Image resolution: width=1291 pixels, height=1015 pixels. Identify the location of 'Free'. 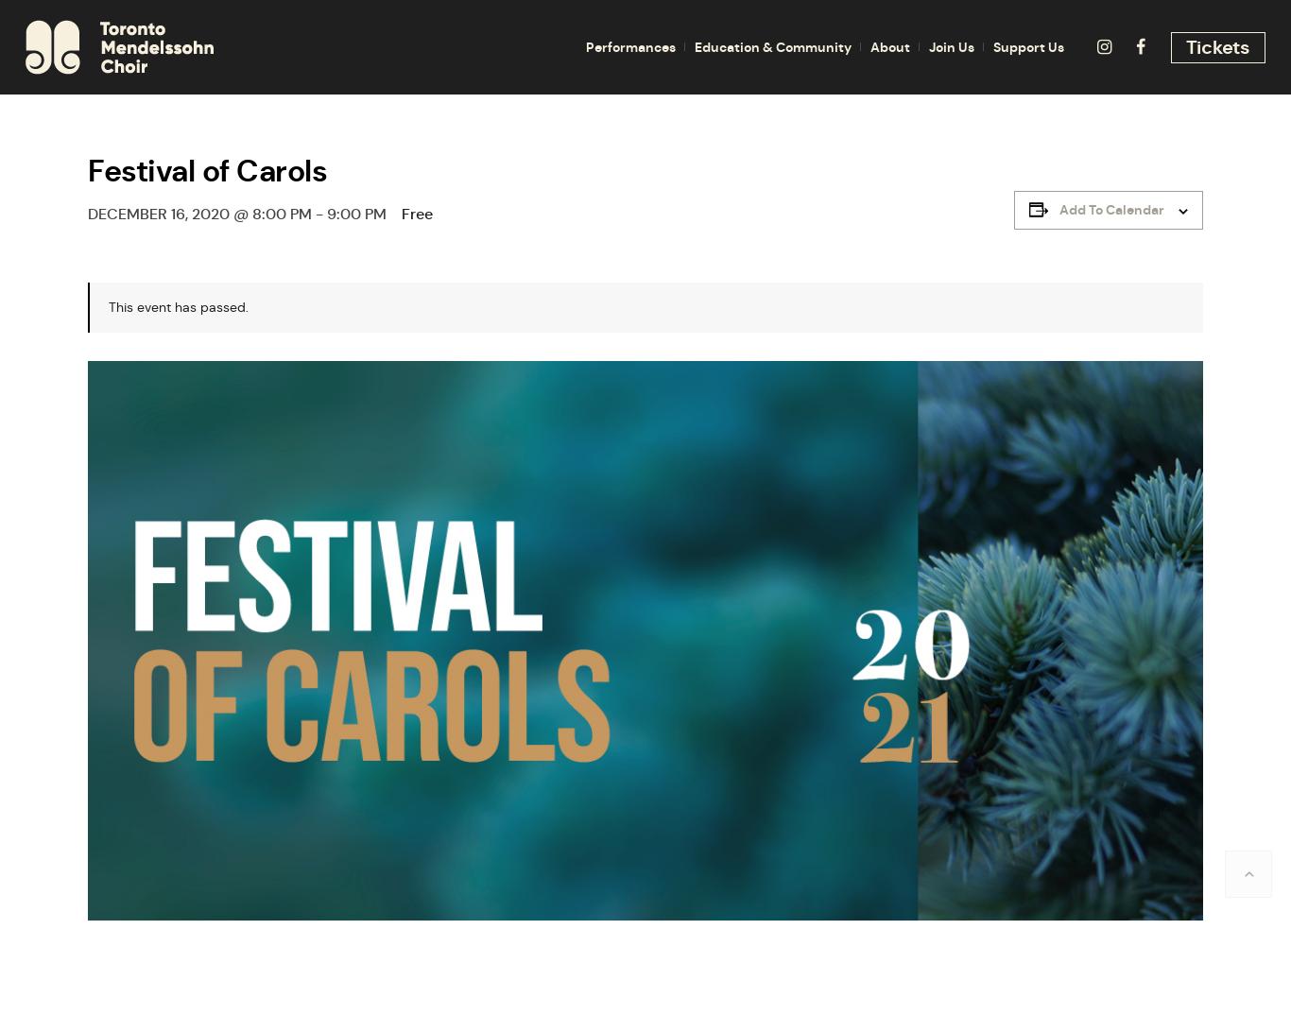
(416, 213).